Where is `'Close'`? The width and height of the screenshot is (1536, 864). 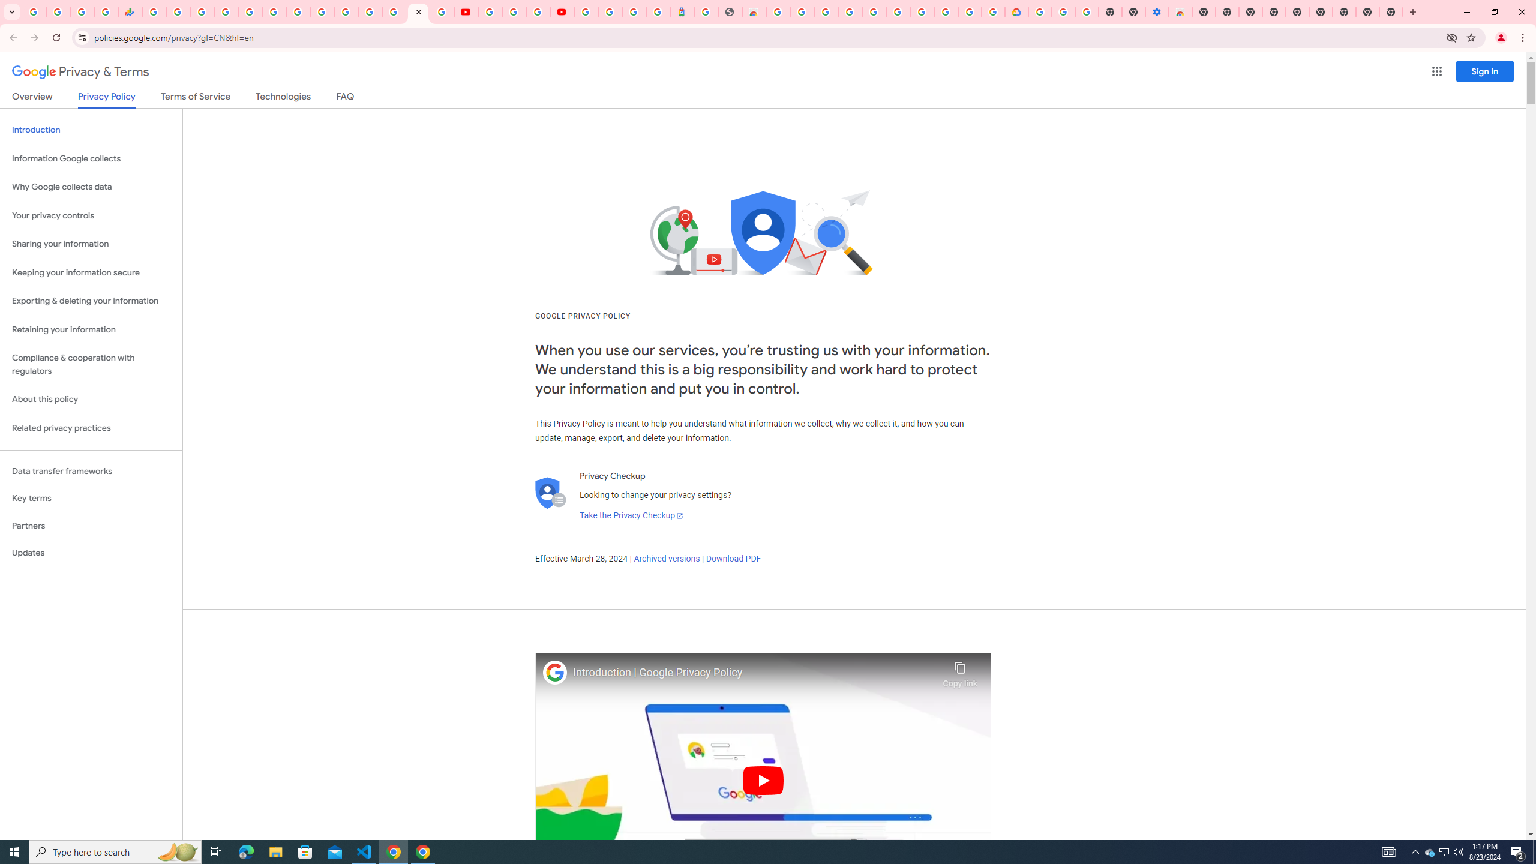
'Close' is located at coordinates (418, 11).